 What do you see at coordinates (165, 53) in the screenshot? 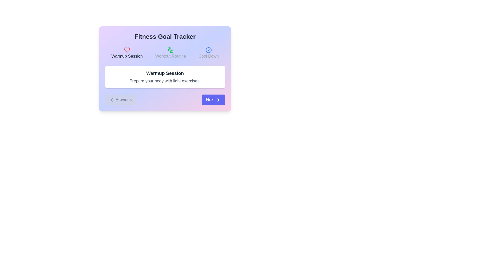
I see `the navigation bar icons or text for further actions, specifically targeting the categories 'Warmup Session,' 'Workout Routine,' and 'Cool Down.'` at bounding box center [165, 53].